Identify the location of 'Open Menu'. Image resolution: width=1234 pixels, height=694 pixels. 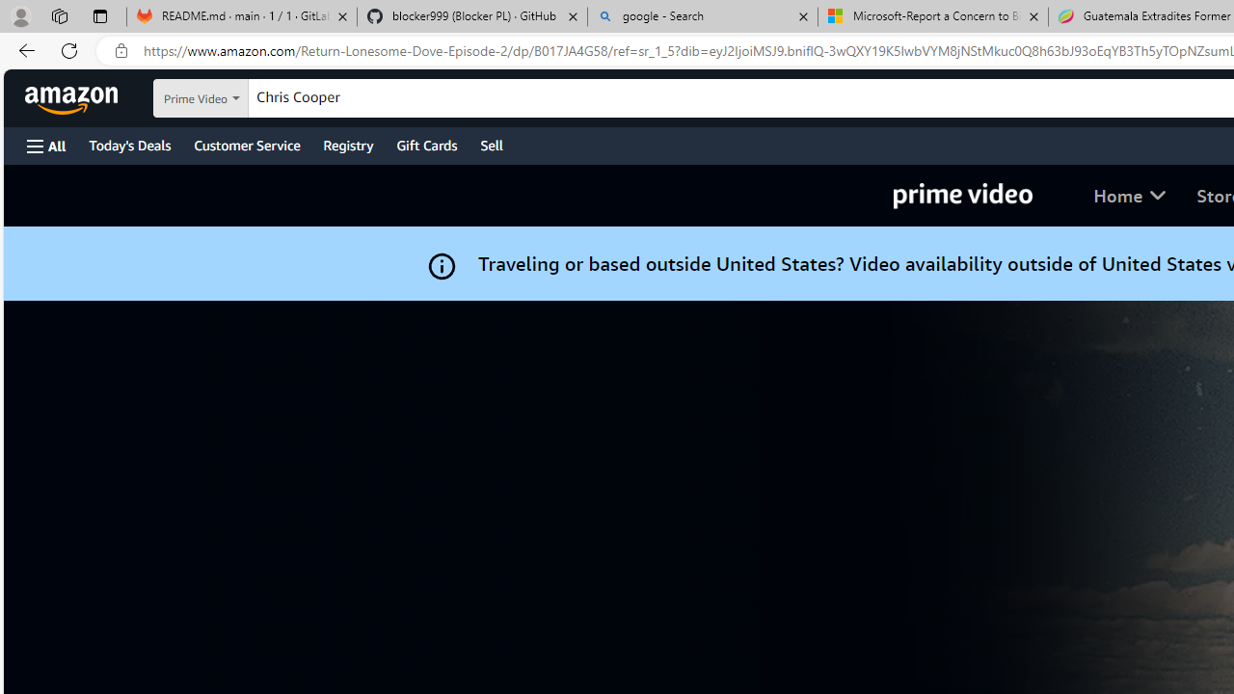
(46, 145).